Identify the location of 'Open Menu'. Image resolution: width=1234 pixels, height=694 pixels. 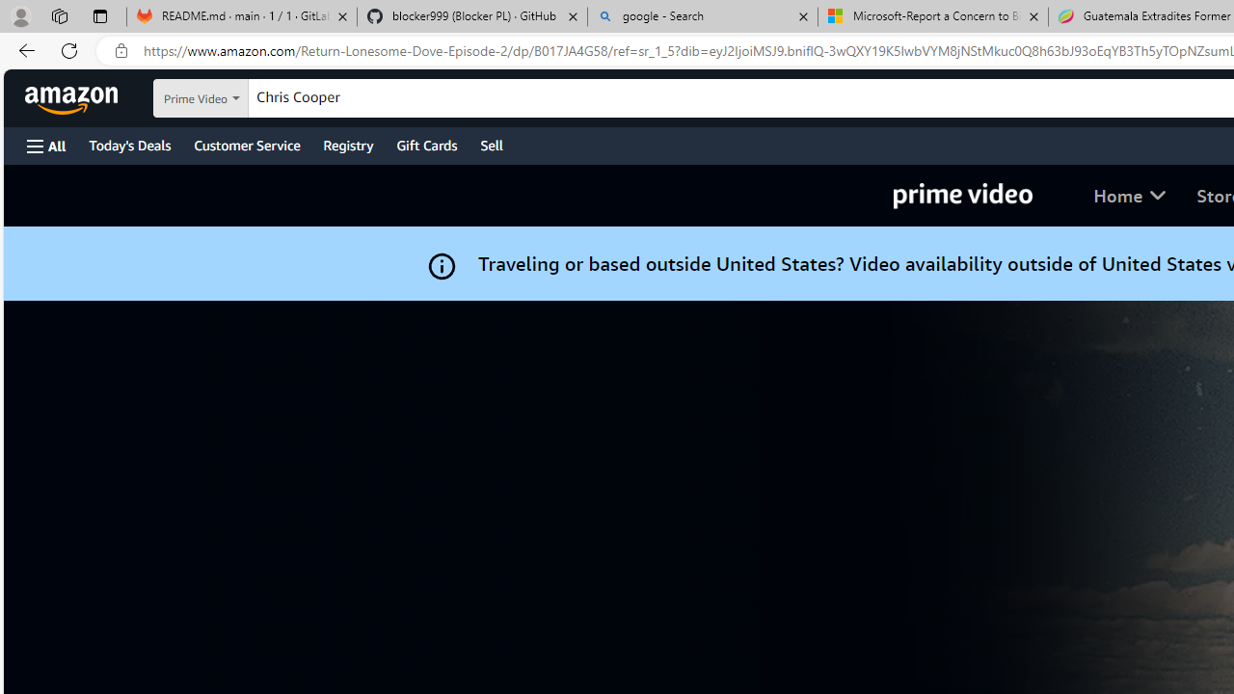
(46, 145).